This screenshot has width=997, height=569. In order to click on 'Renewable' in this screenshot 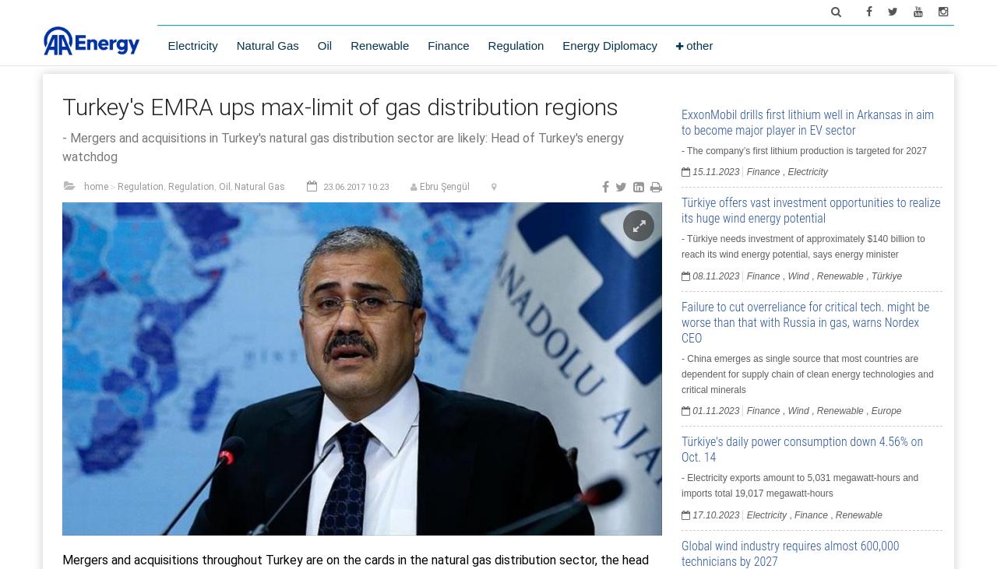, I will do `click(350, 44)`.